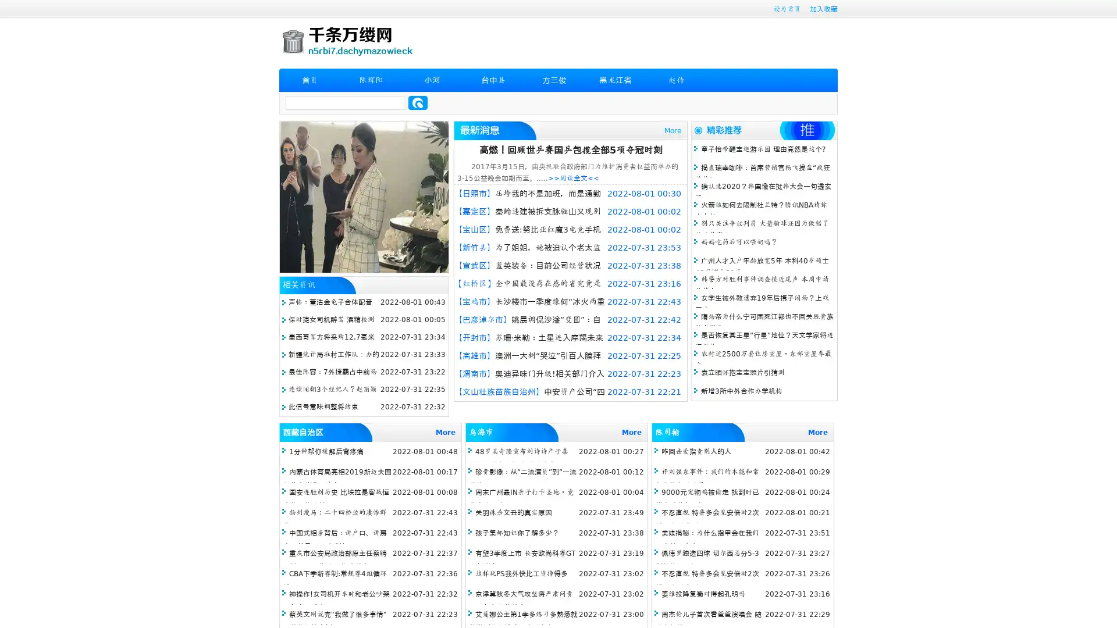 Image resolution: width=1117 pixels, height=628 pixels. Describe the element at coordinates (418, 102) in the screenshot. I see `Search` at that location.